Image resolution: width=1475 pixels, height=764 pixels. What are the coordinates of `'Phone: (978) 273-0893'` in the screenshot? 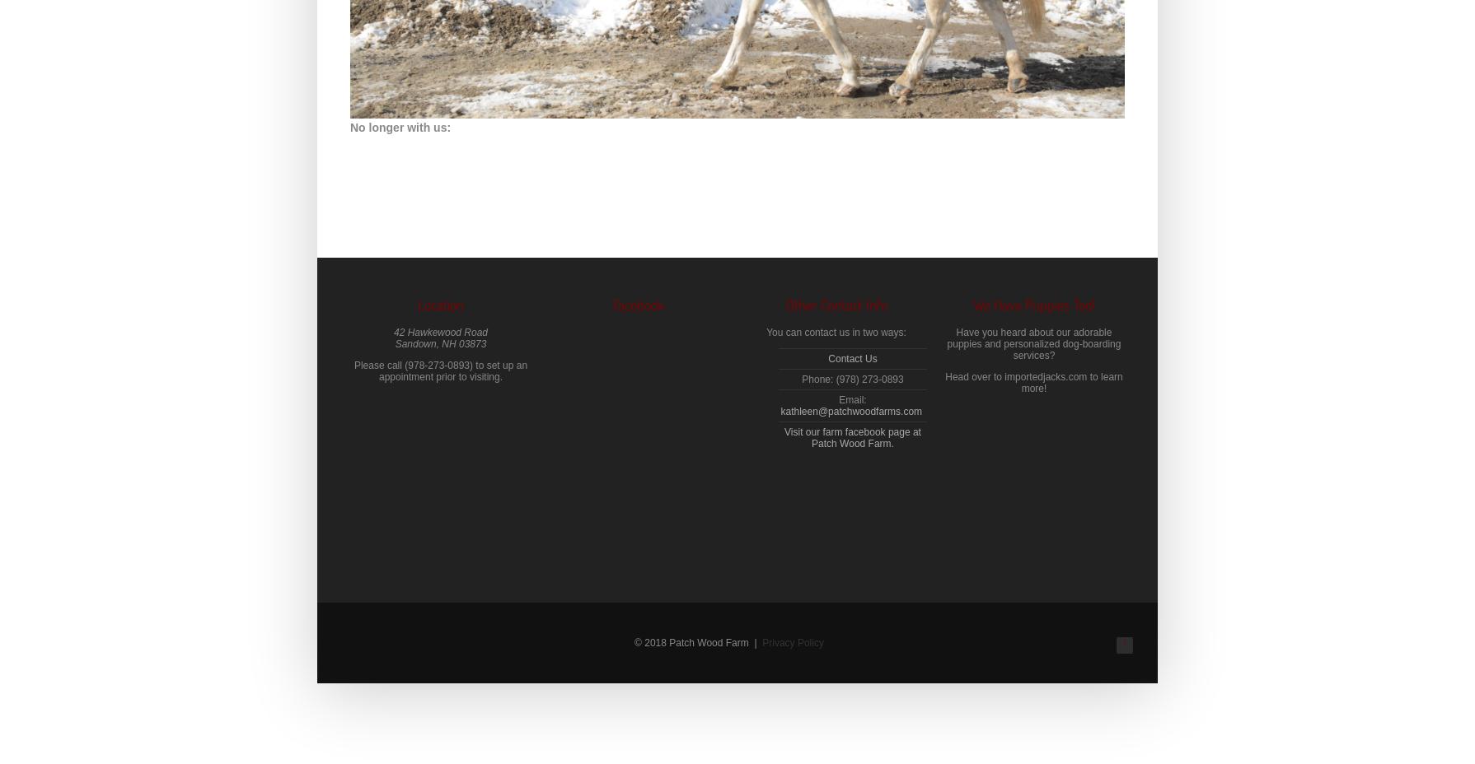 It's located at (852, 380).